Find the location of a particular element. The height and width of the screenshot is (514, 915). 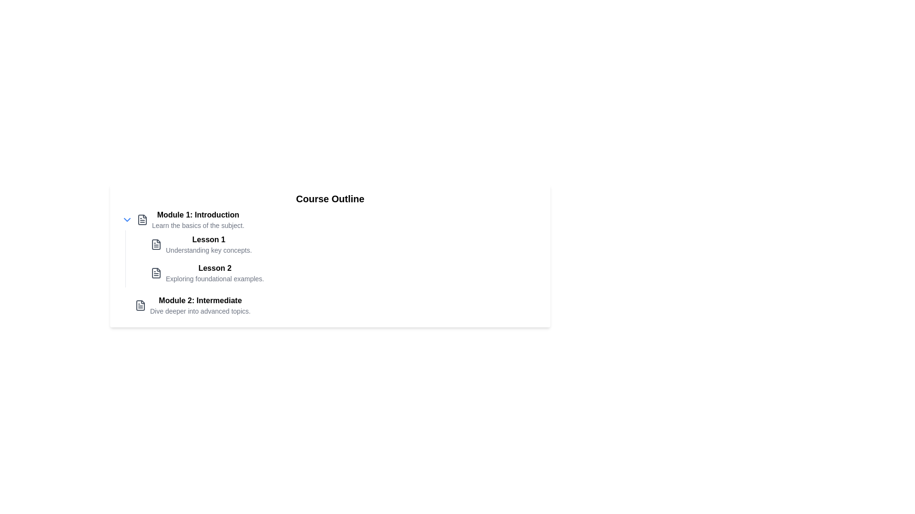

the blue downward-pointing chevron icon next to the bold title 'Module 1: Introduction' is located at coordinates (127, 220).